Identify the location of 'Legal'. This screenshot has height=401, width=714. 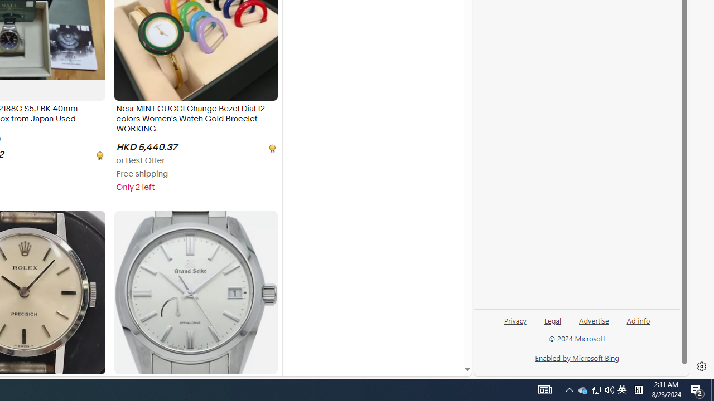
(553, 320).